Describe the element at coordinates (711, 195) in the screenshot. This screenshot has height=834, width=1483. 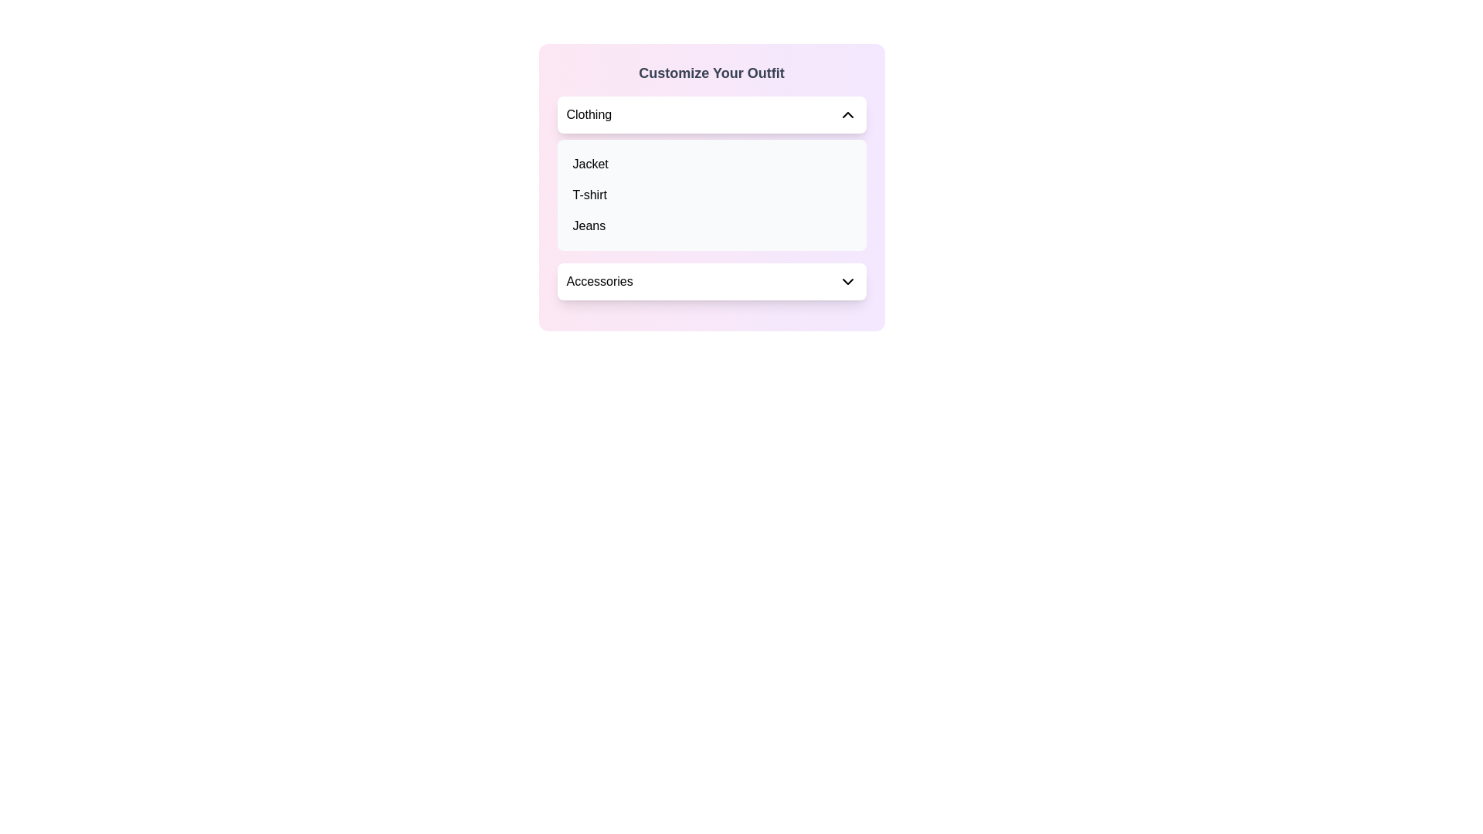
I see `the items listed in the List box containing 'Jacket', 'T-shirt', and 'Jeans', which has a soft gray background and rounded corners` at that location.